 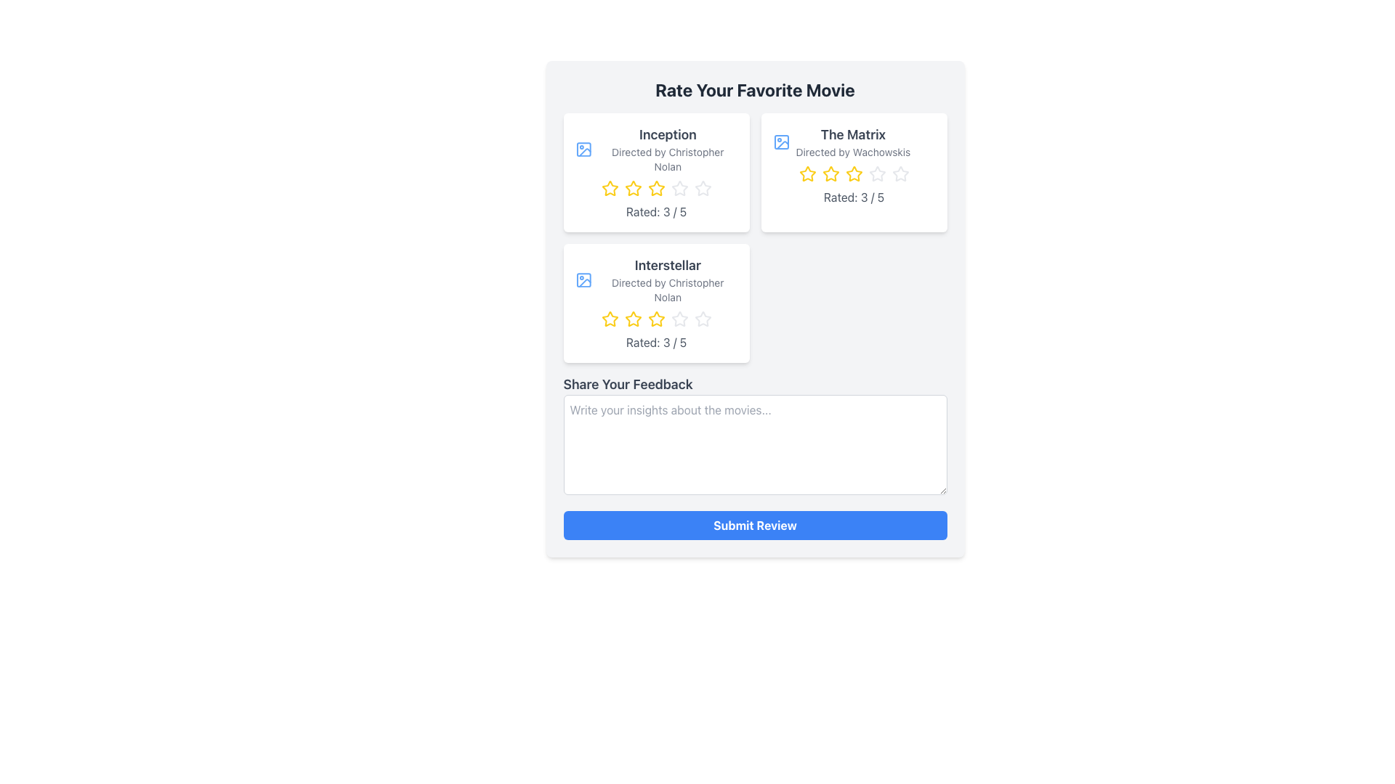 I want to click on the third yellow star icon in the rating widget for 'The Matrix' movie card, so click(x=854, y=173).